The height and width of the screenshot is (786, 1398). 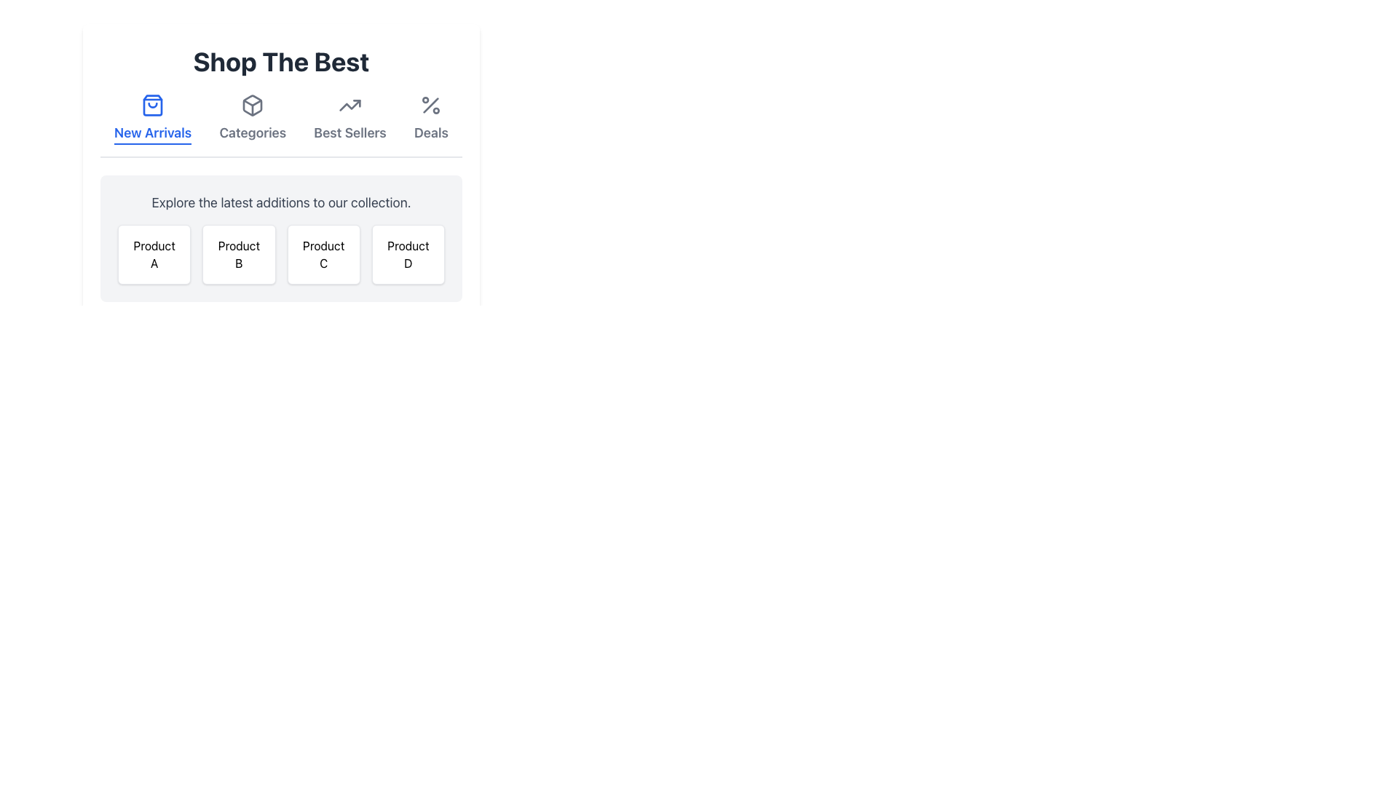 I want to click on the wireframe cube icon in gray color located above the 'Categories' text in the main navigation bar, so click(x=252, y=105).